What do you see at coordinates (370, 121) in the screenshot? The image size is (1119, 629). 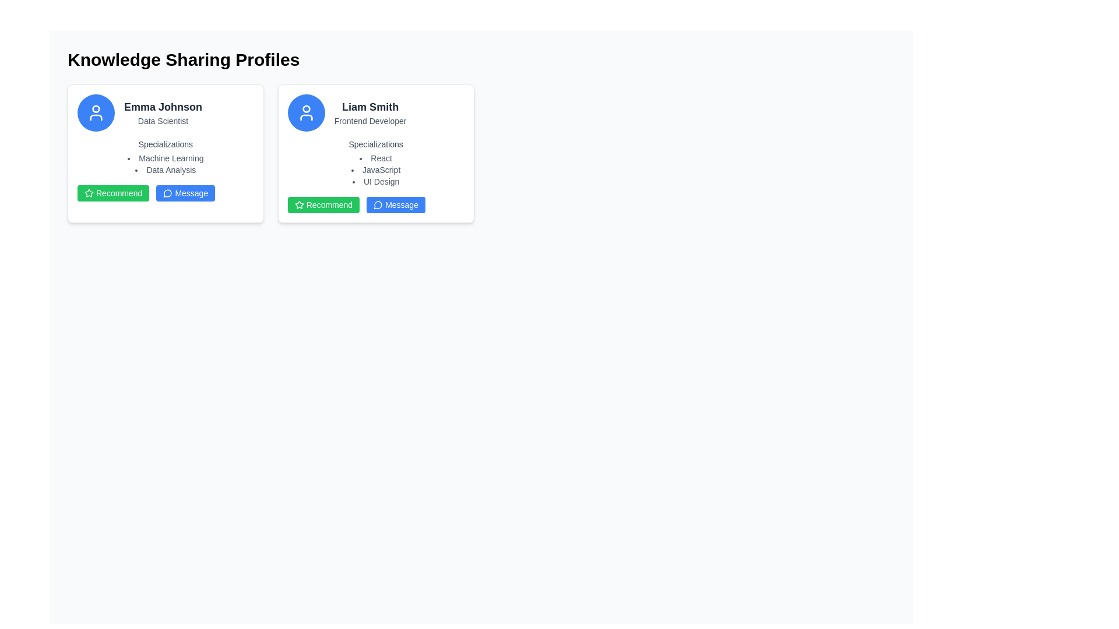 I see `the Static Text Label displaying 'Frontend Developer', which is located below 'Liam Smith' in the second profile card from the left` at bounding box center [370, 121].